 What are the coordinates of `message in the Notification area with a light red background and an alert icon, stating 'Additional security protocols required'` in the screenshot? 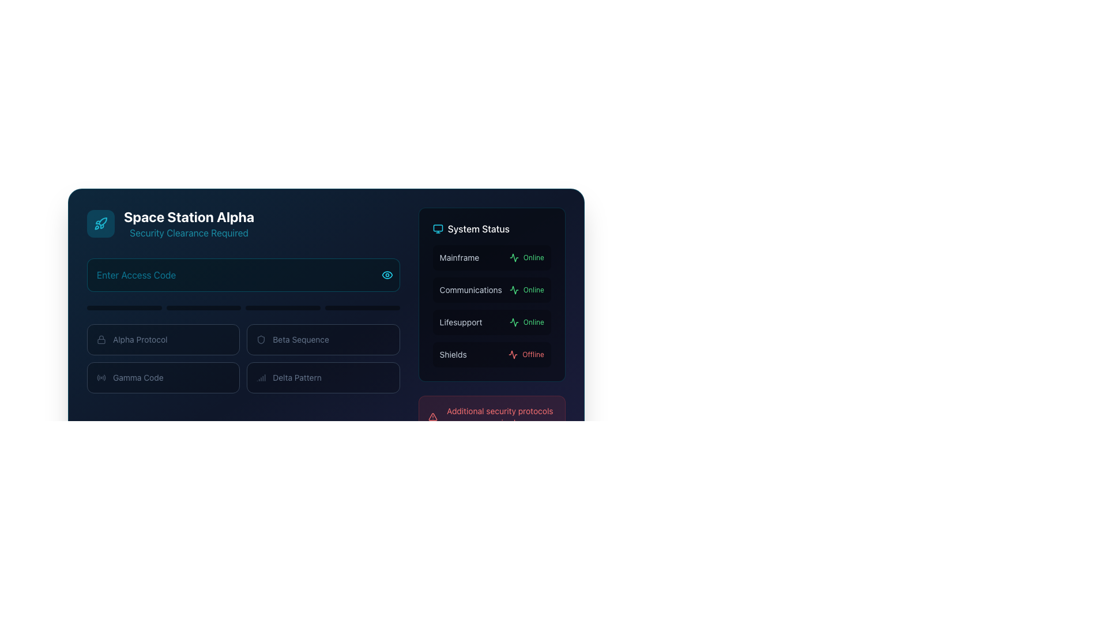 It's located at (492, 416).